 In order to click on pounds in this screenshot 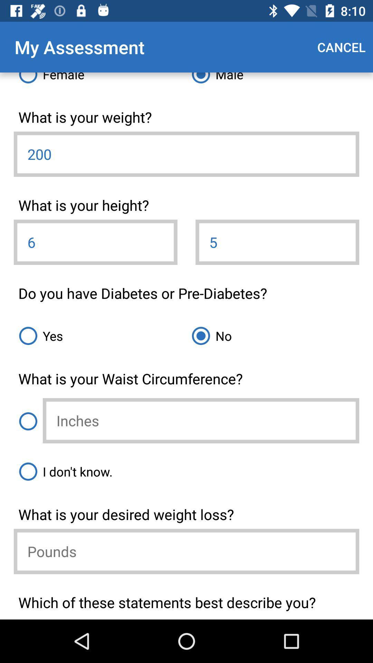, I will do `click(186, 551)`.